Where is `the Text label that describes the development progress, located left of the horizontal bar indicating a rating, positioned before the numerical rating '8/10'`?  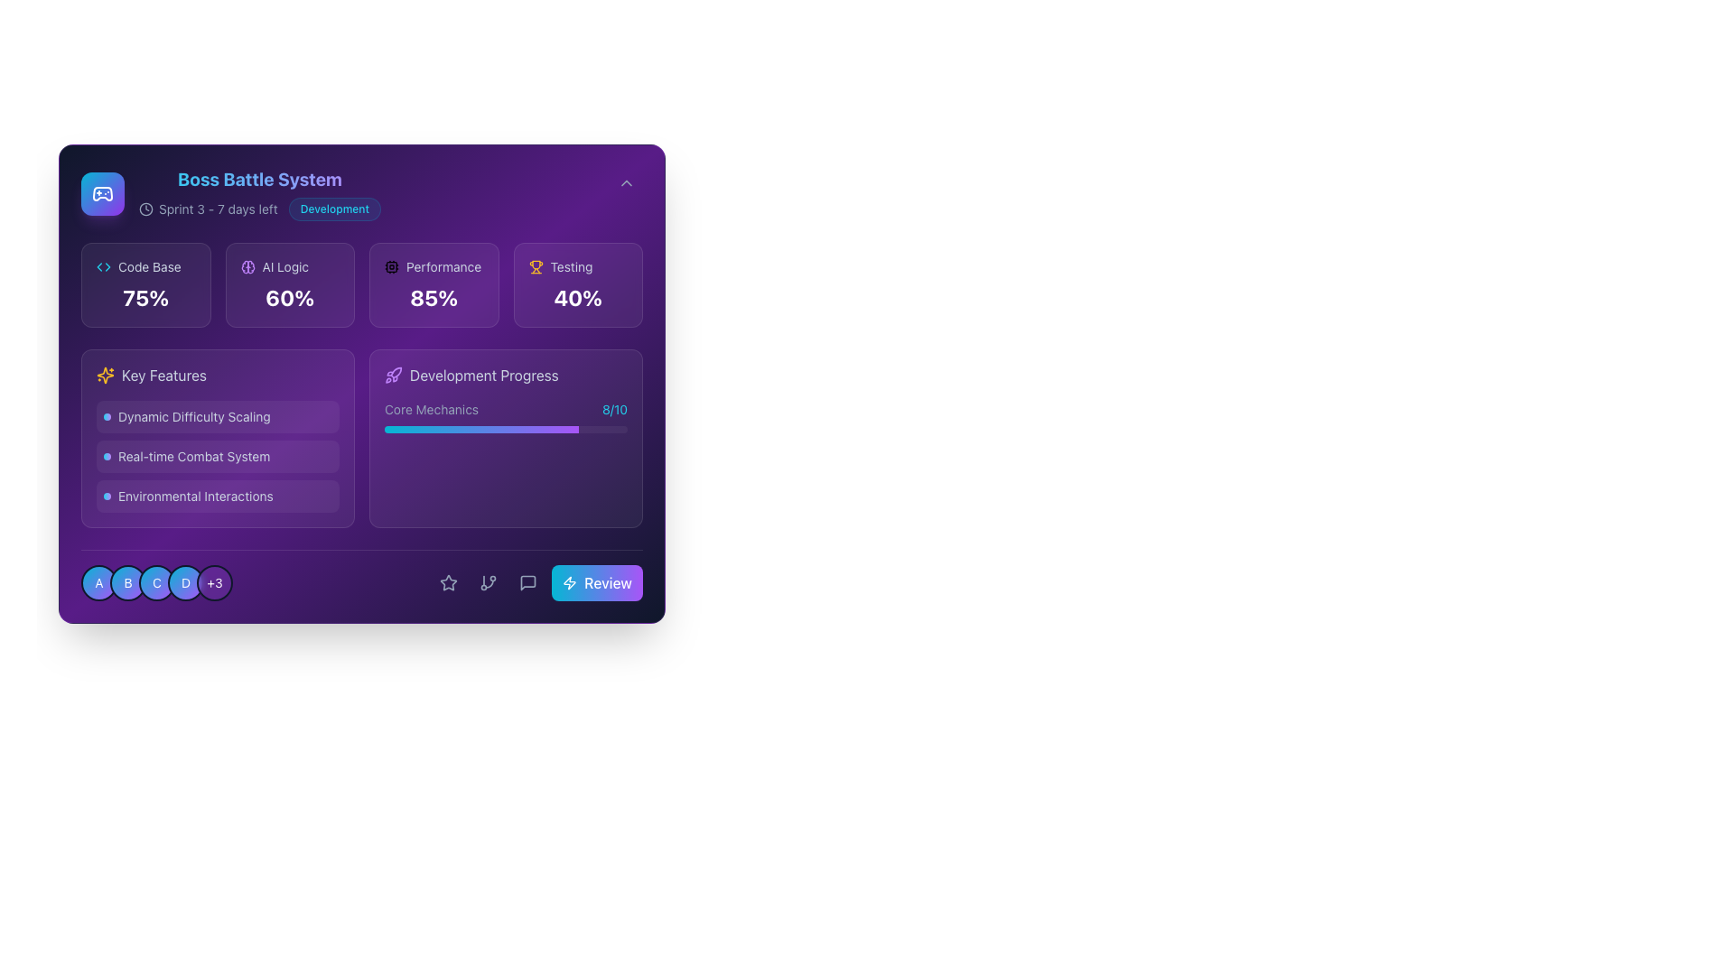 the Text label that describes the development progress, located left of the horizontal bar indicating a rating, positioned before the numerical rating '8/10' is located at coordinates (431, 410).